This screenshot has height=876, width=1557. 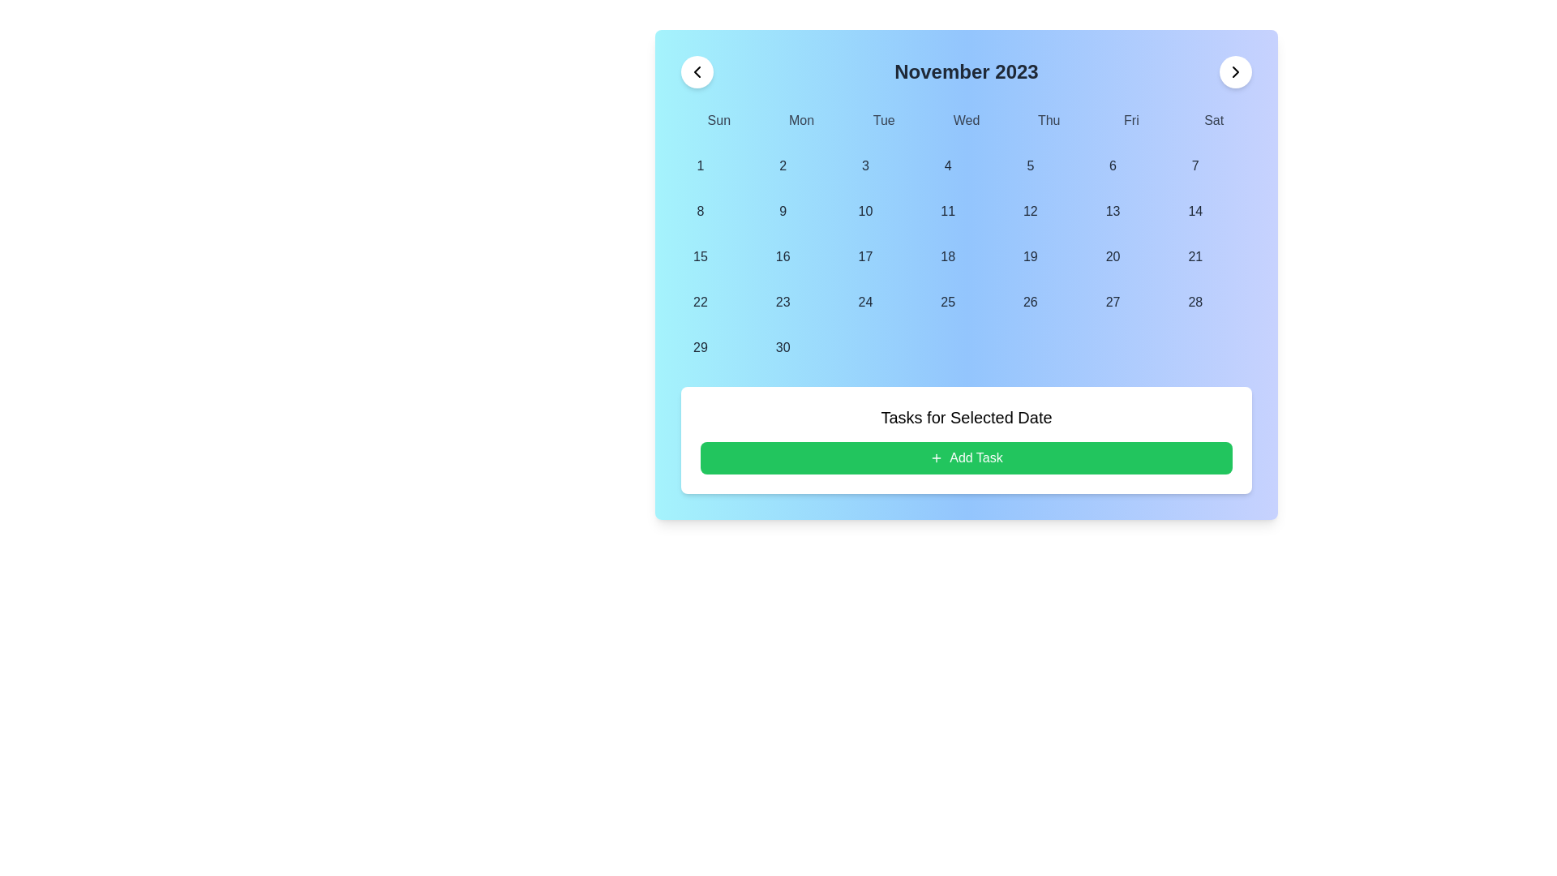 What do you see at coordinates (1029, 211) in the screenshot?
I see `the button displaying the number '12'` at bounding box center [1029, 211].